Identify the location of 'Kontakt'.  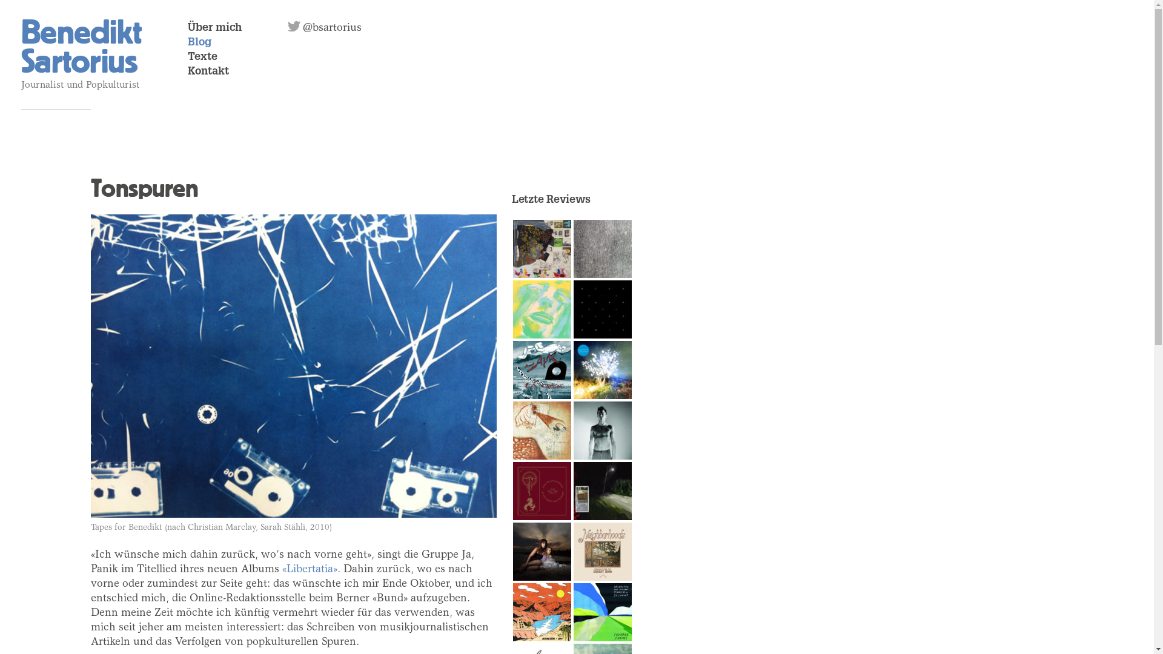
(208, 72).